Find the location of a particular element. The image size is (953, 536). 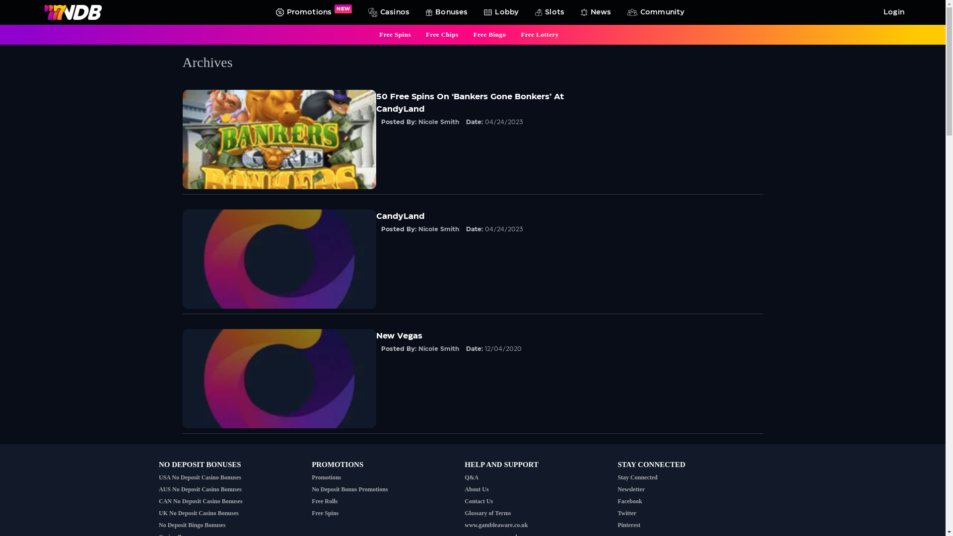

'Glossary of Terms' is located at coordinates (487, 513).